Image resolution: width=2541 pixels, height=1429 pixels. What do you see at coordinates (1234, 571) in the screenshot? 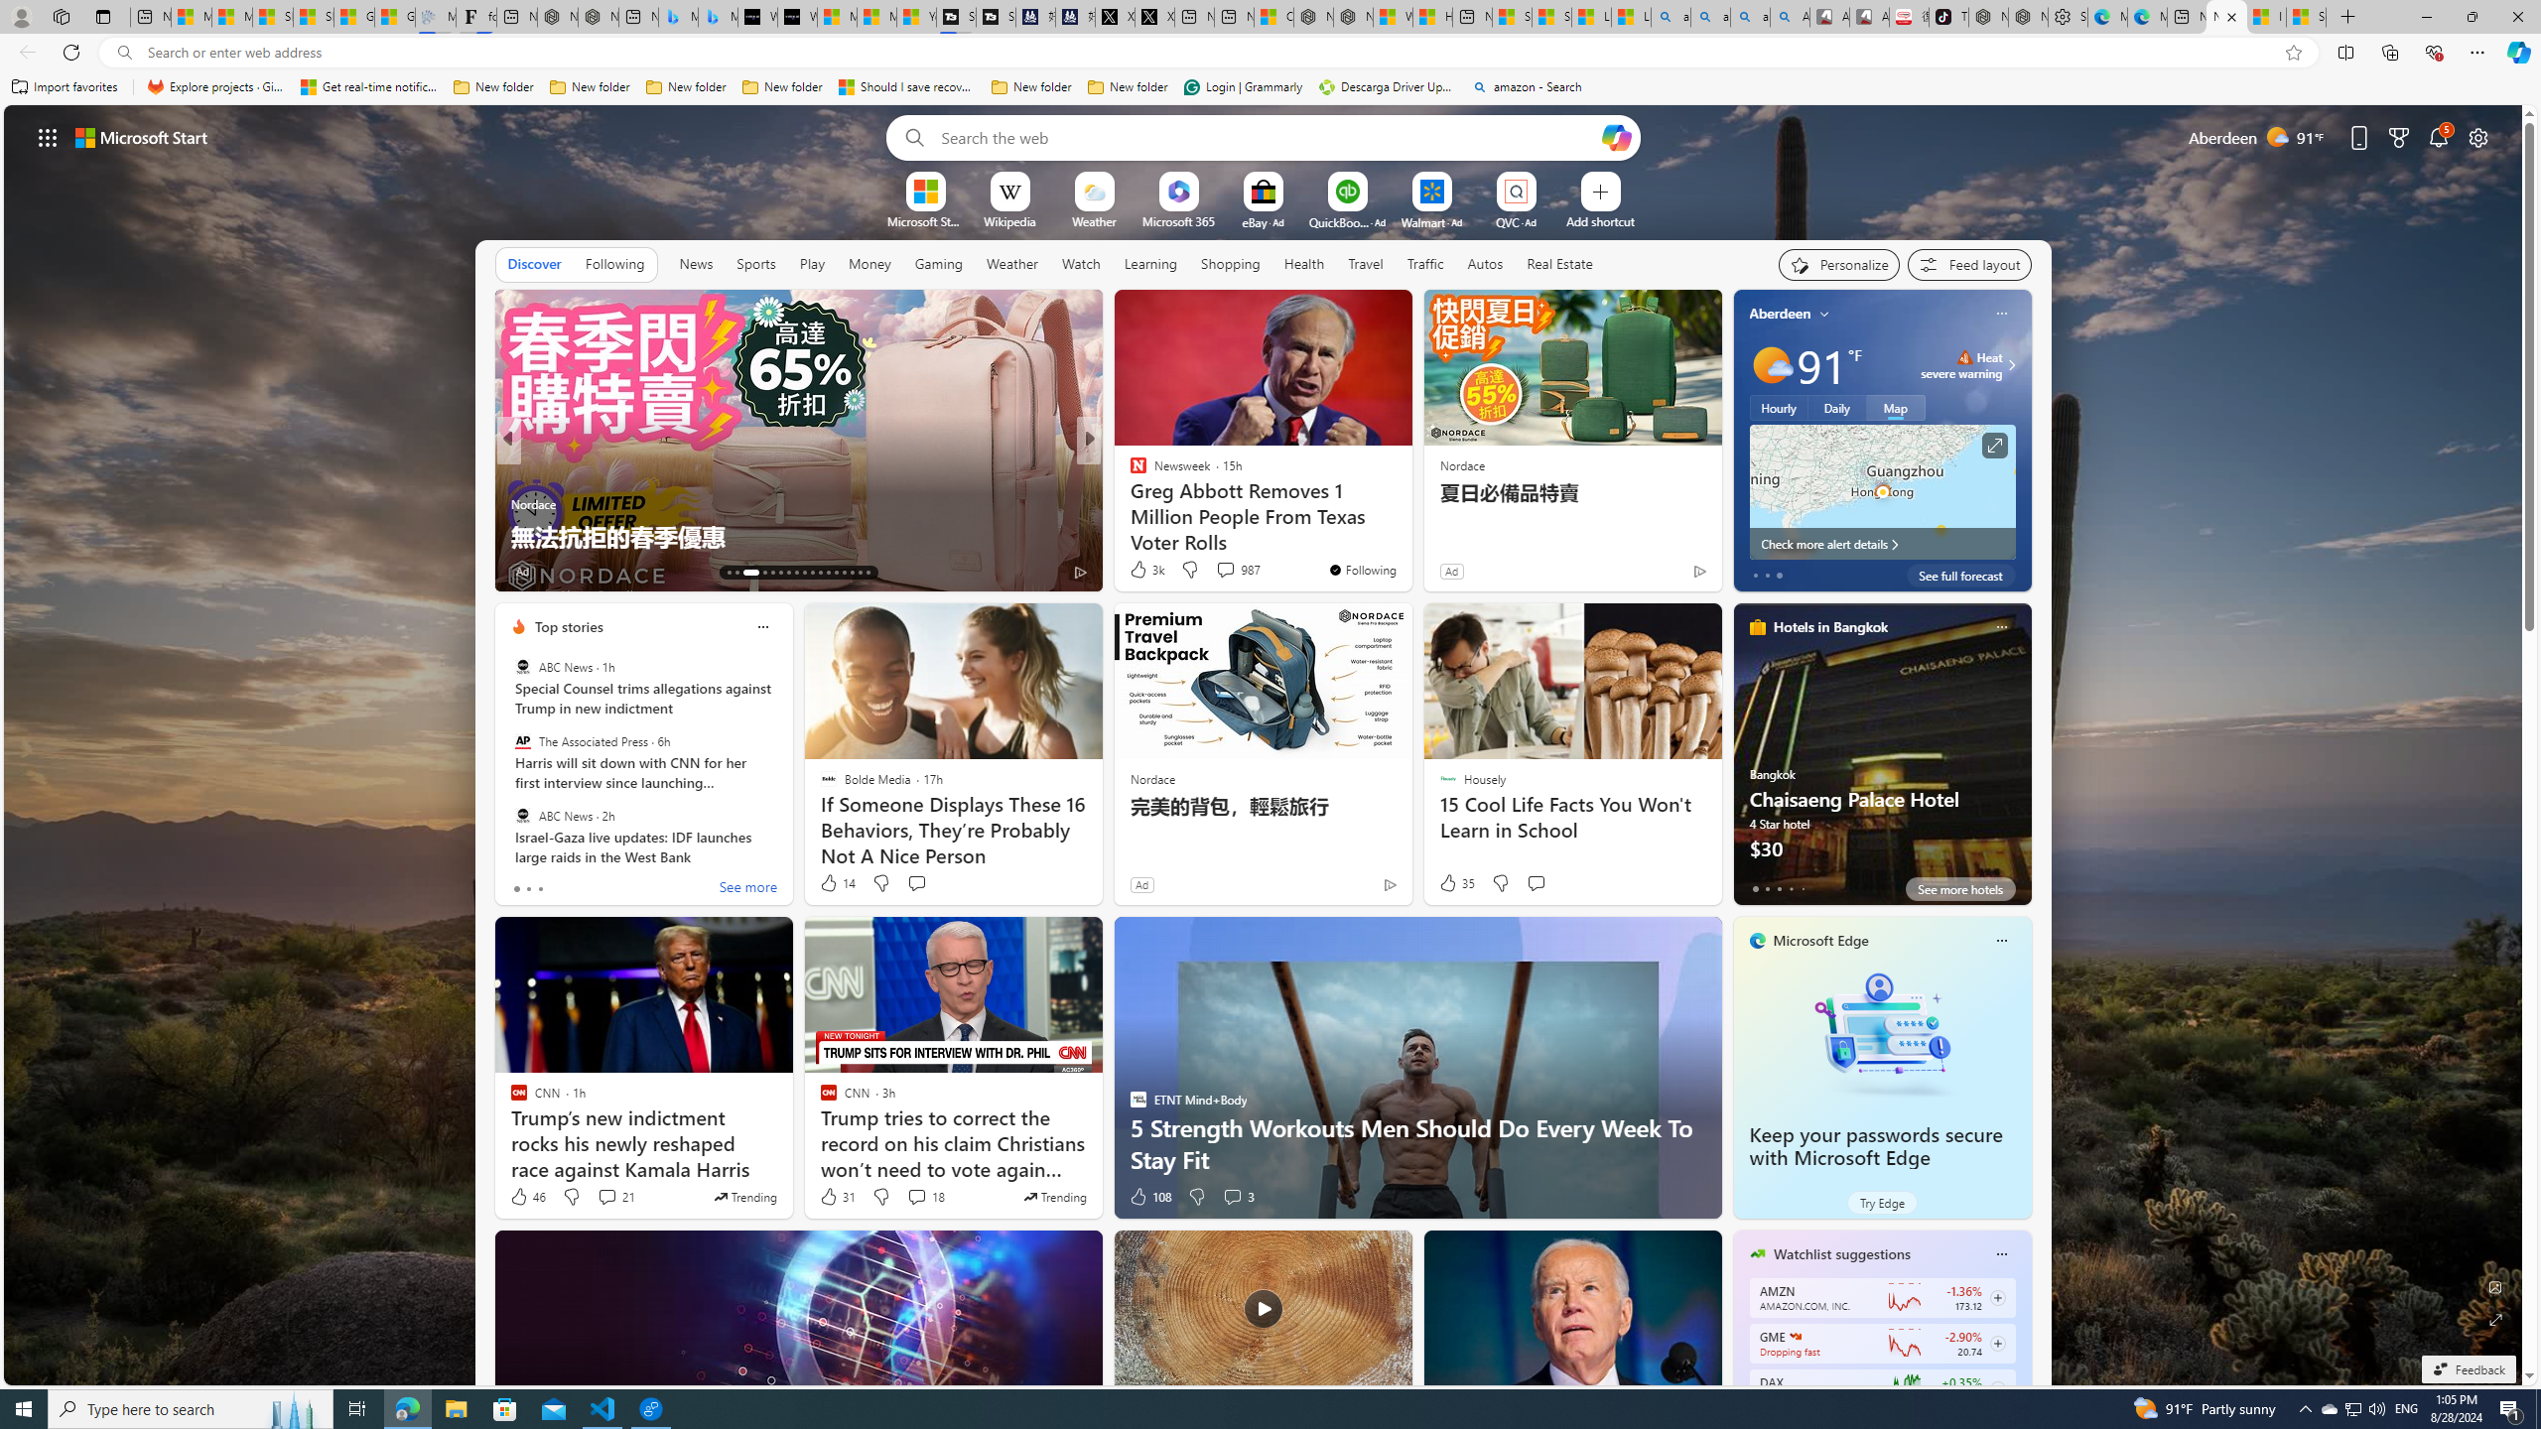
I see `'View comments 22 Comment'` at bounding box center [1234, 571].